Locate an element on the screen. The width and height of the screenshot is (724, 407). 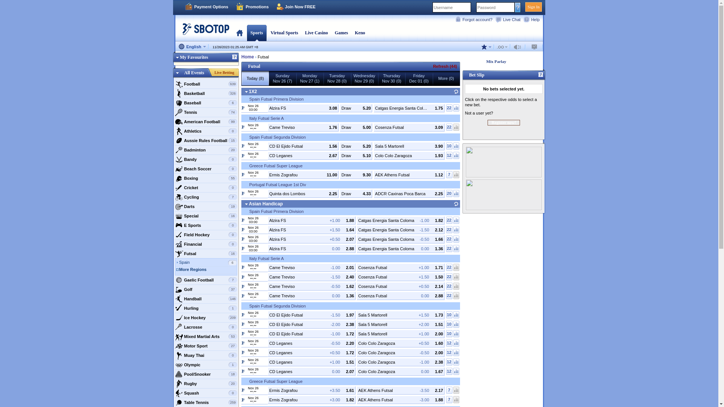
'No statistics available' is located at coordinates (456, 399).